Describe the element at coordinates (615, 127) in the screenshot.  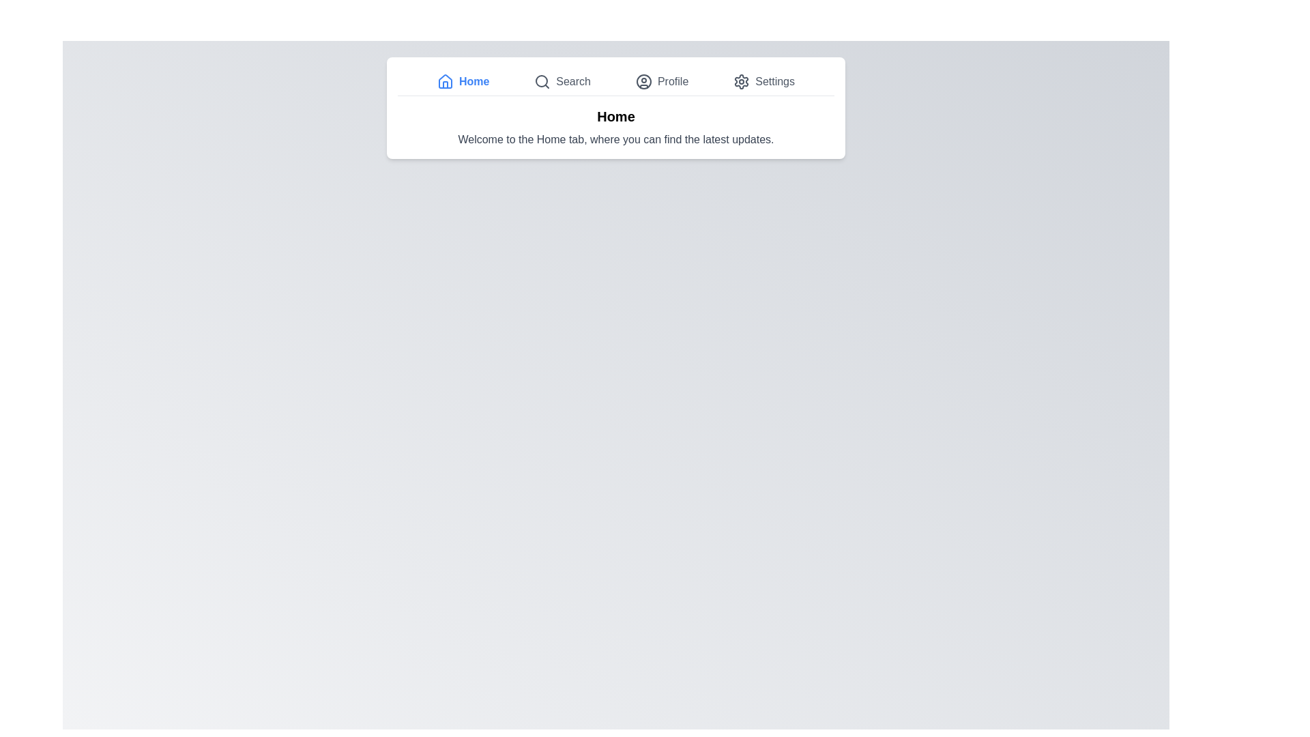
I see `text block that contains the bold 'Home' and the smaller 'Welcome to the Home tab, where you can find the latest updates.'` at that location.